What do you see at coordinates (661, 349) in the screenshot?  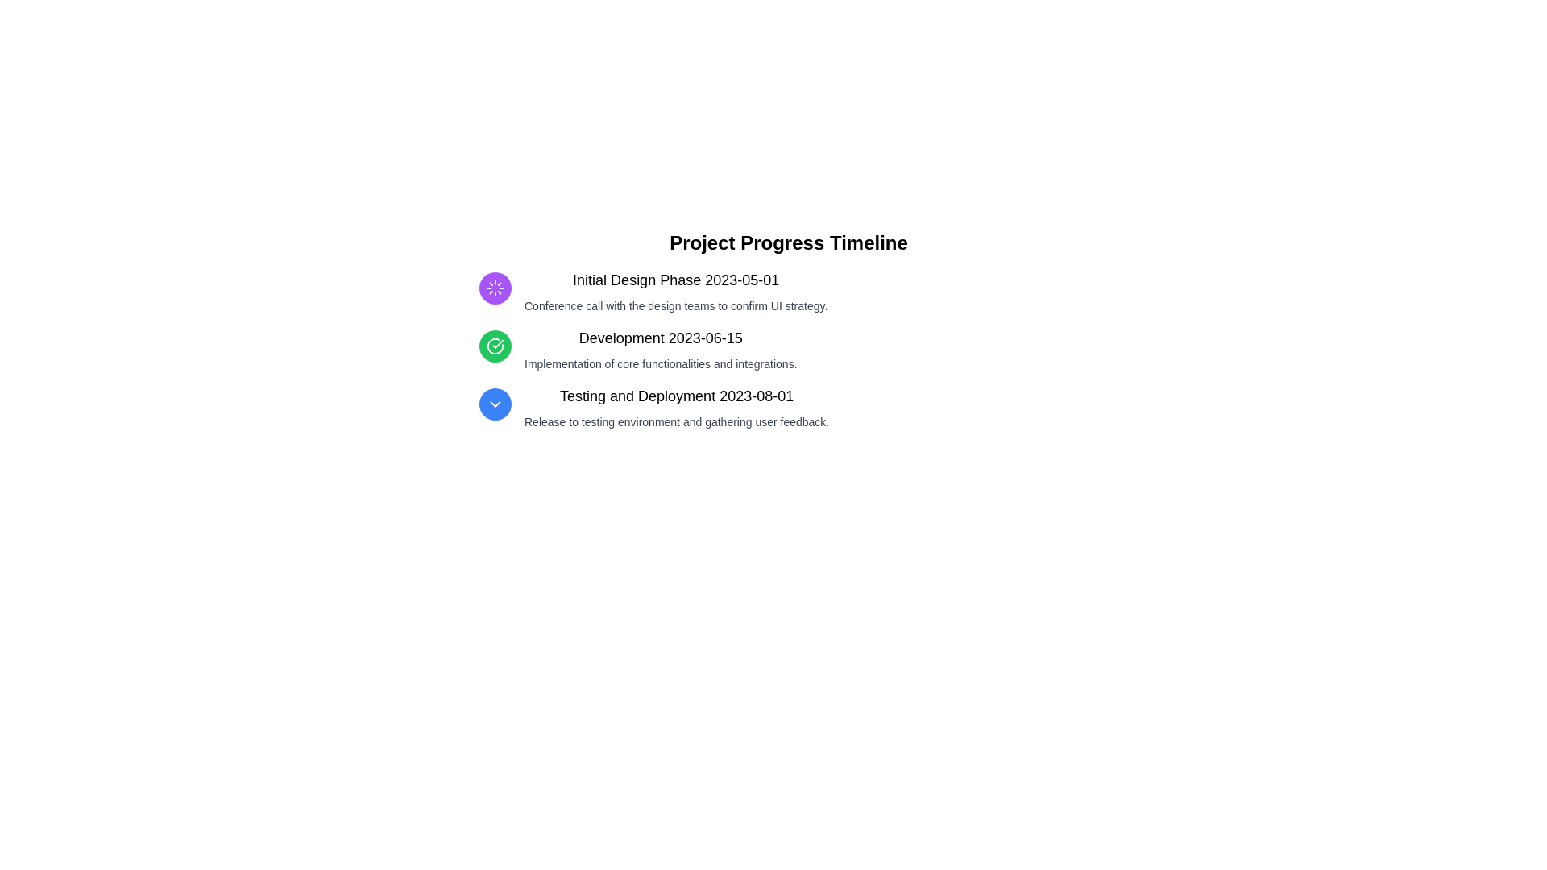 I see `the text block displaying 'Development 2023-06-15' and its description, which is centrally located beneath 'Initial Design Phase 2023-05-01' and above 'Testing and Deployment 2023-08-01'` at bounding box center [661, 349].